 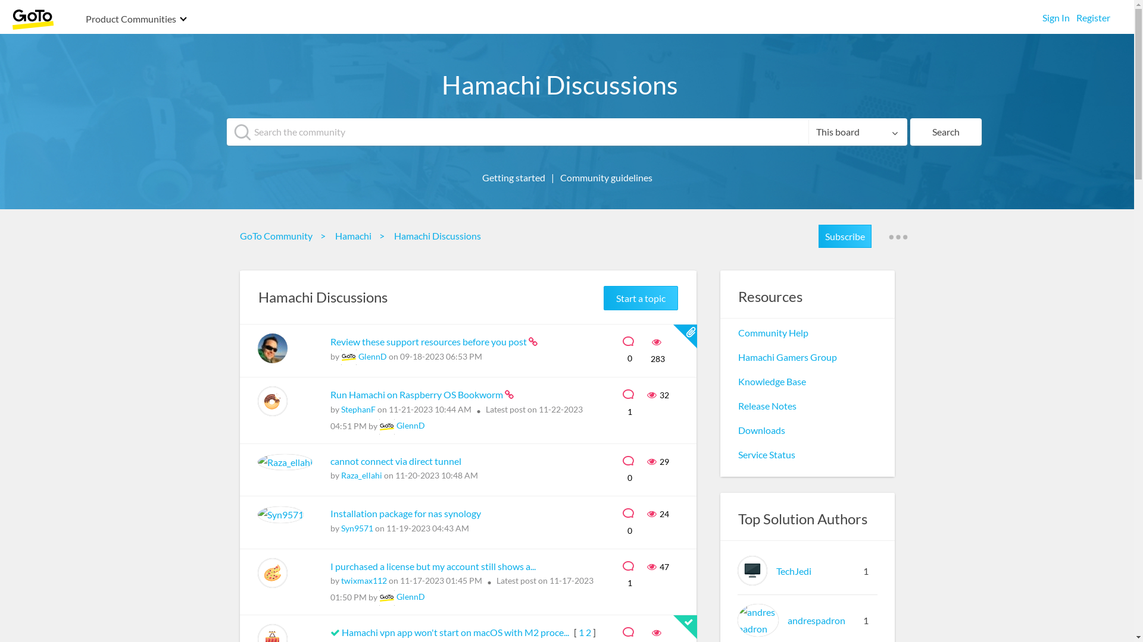 What do you see at coordinates (897, 237) in the screenshot?
I see `'Options'` at bounding box center [897, 237].